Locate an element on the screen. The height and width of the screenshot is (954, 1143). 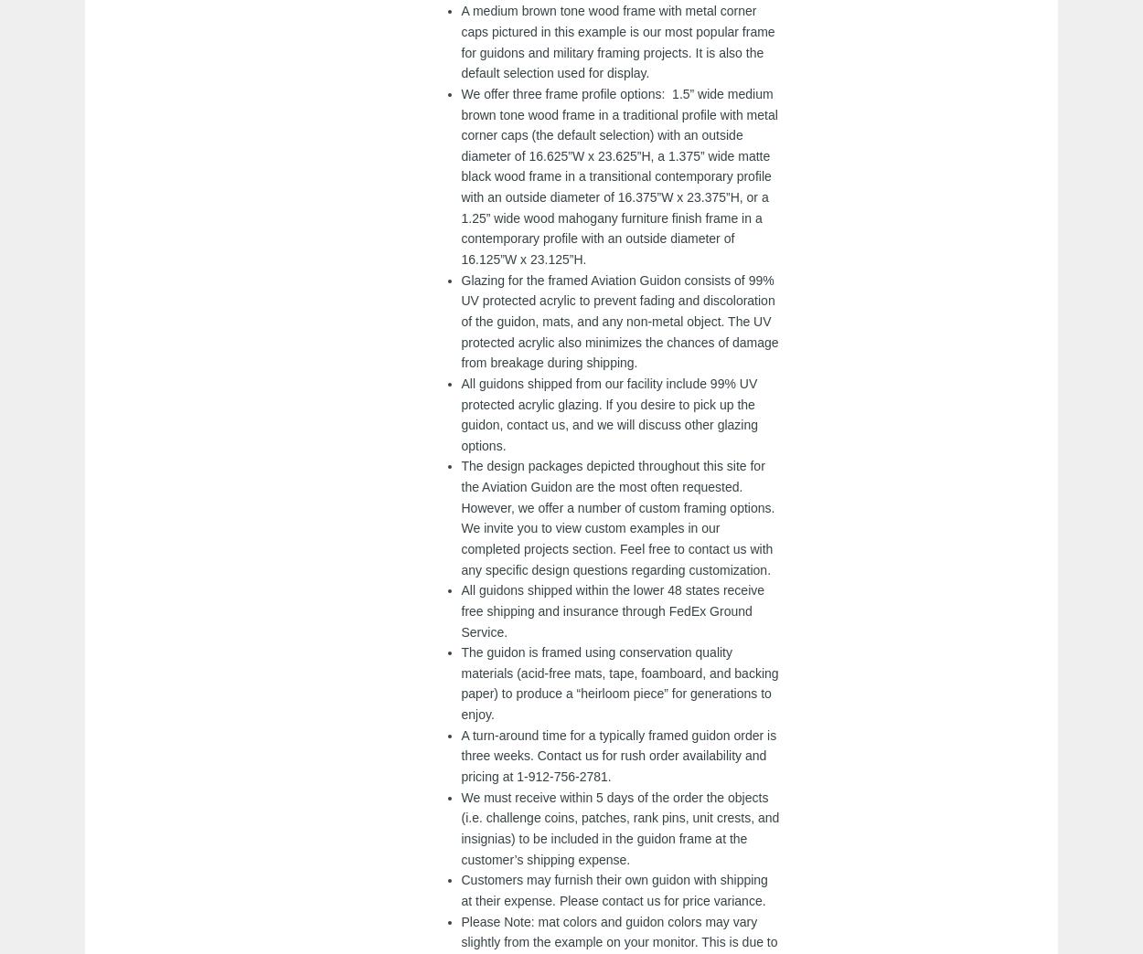
'All guidons shipped from our facility include 99% UV protected acrylic glazing. If you desire to pick up the guidon, contact us, and we will discuss other glazing options.' is located at coordinates (609, 412).